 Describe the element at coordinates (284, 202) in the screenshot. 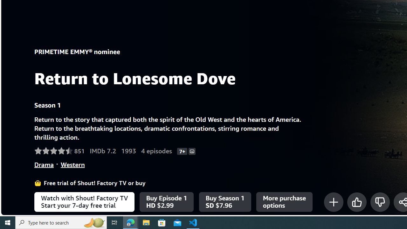

I see `'More purchase options'` at that location.